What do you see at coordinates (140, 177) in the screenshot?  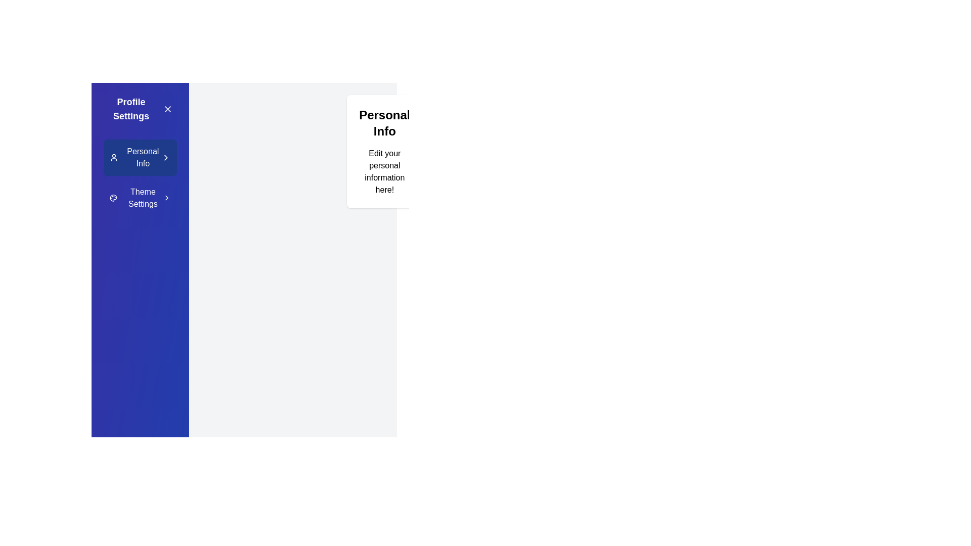 I see `the 'Personal Info' option in the navigation menu located in the left sidebar of the 'Profile Settings' section` at bounding box center [140, 177].